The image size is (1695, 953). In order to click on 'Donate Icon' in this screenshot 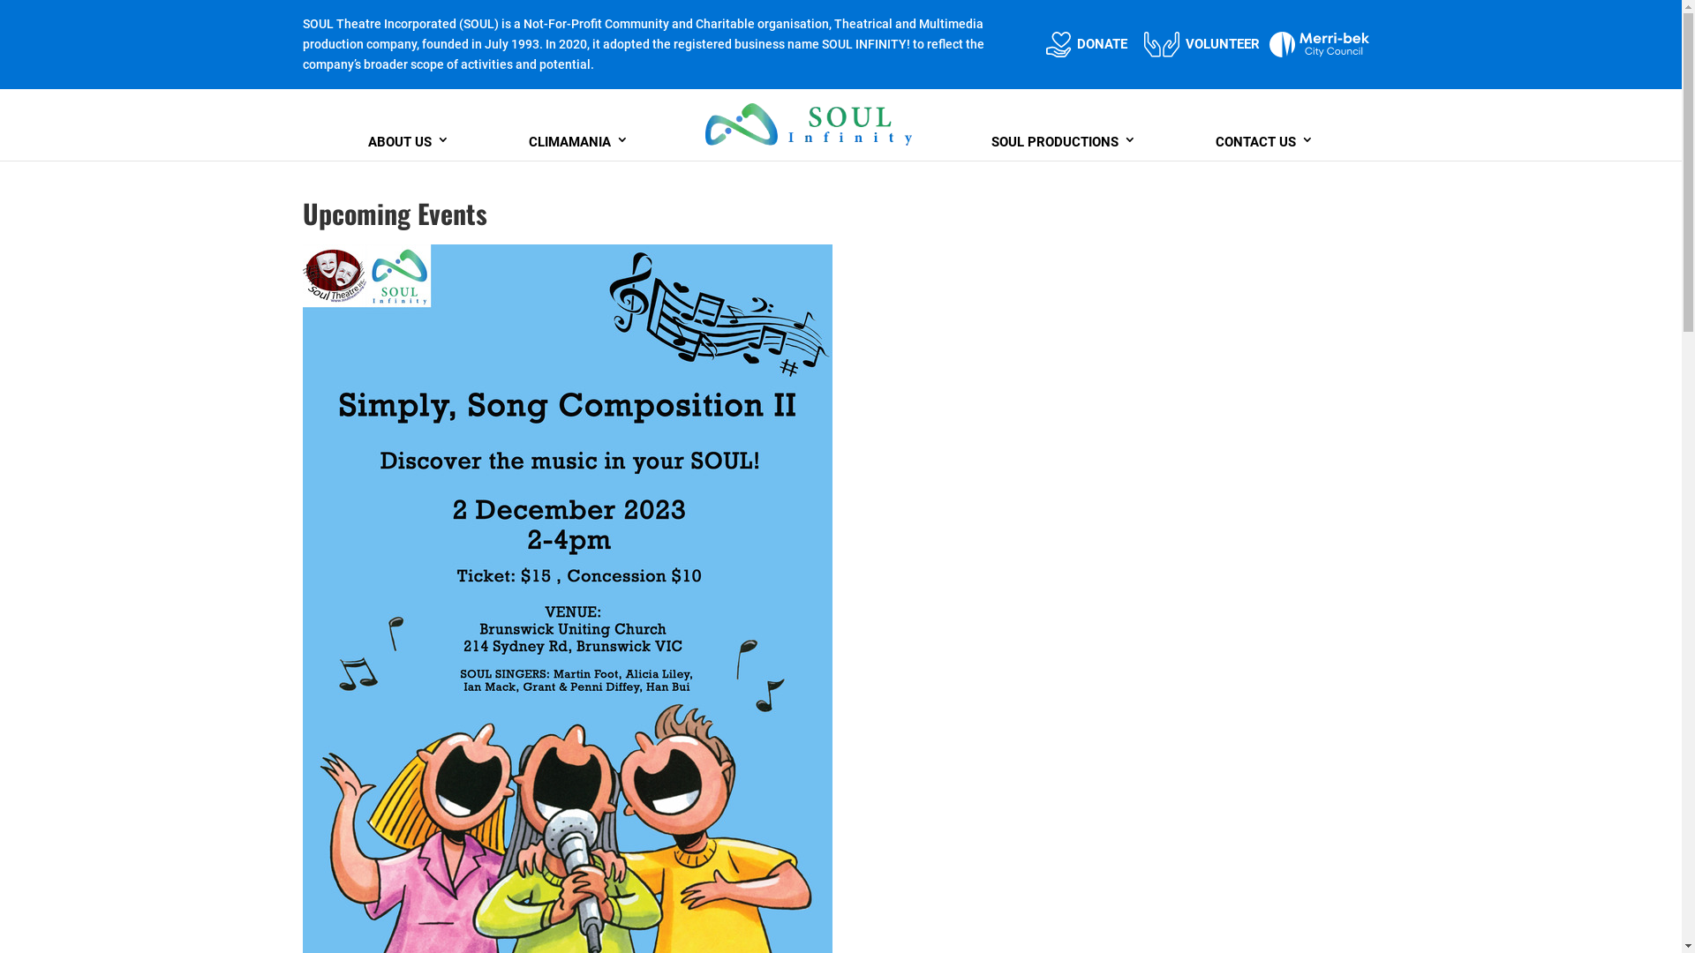, I will do `click(1058, 43)`.